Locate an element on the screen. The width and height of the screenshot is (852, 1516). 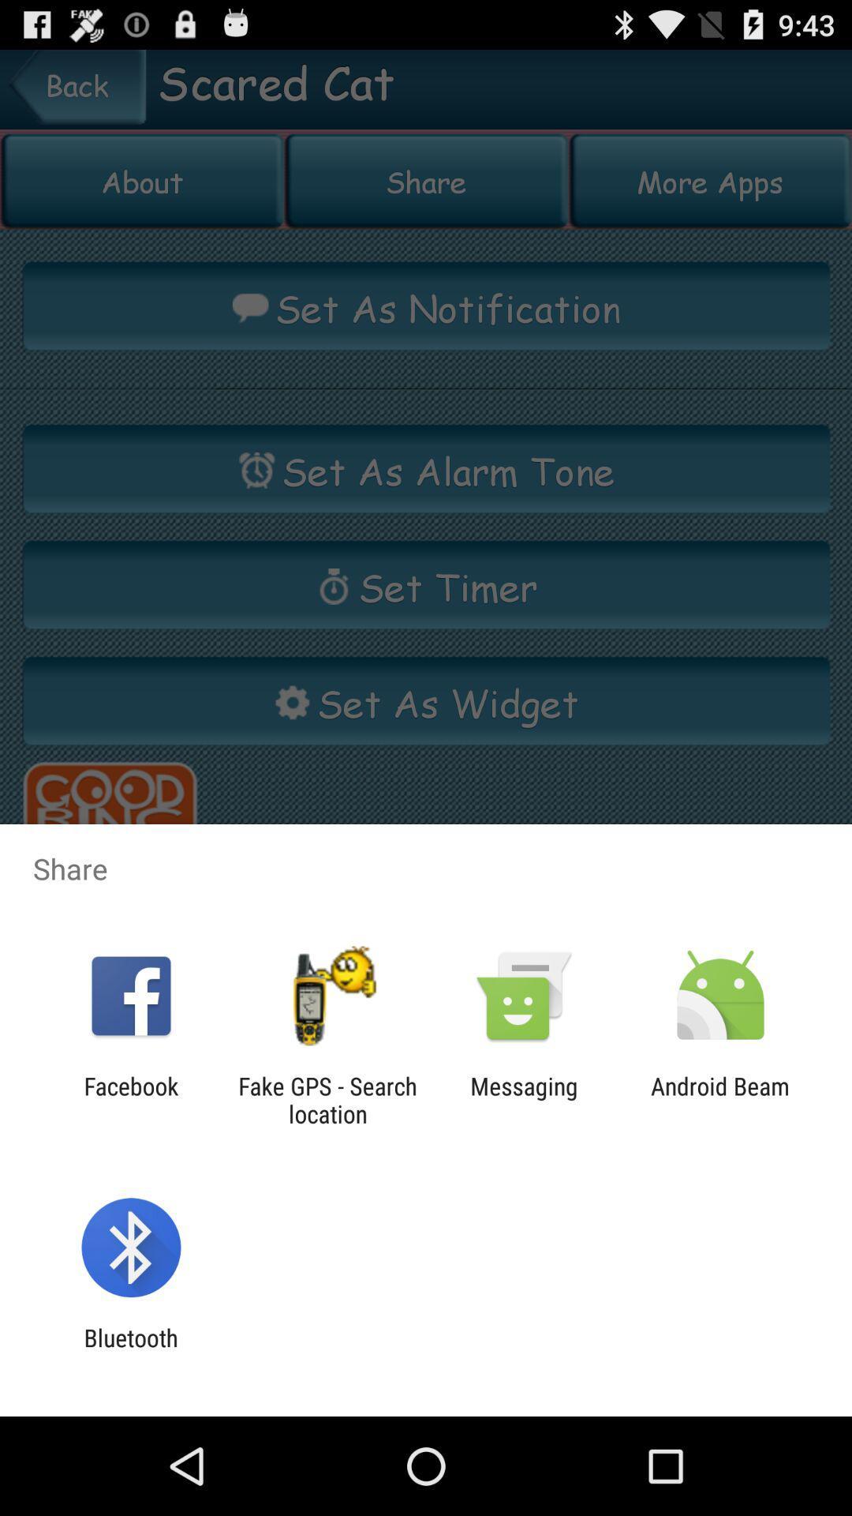
the facebook item is located at coordinates (130, 1099).